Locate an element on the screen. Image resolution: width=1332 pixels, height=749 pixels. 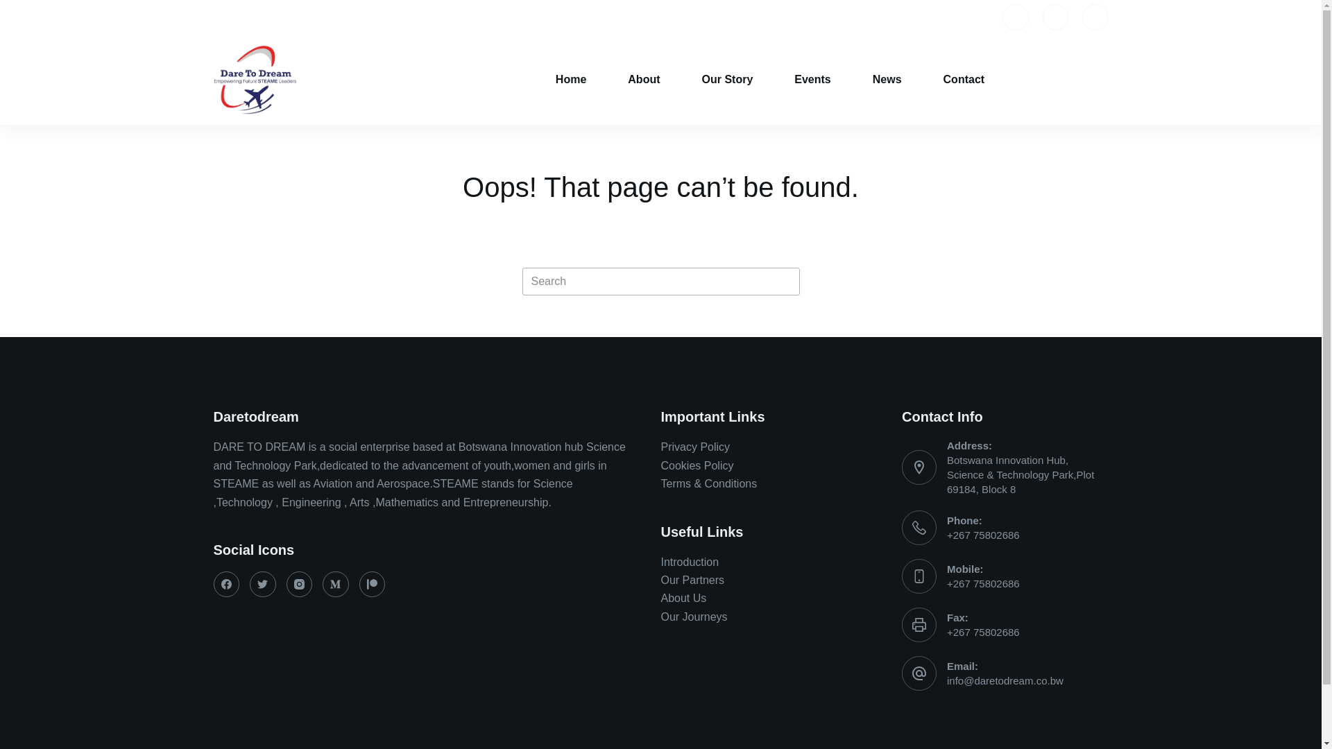
'Privacy Policy' is located at coordinates (695, 447).